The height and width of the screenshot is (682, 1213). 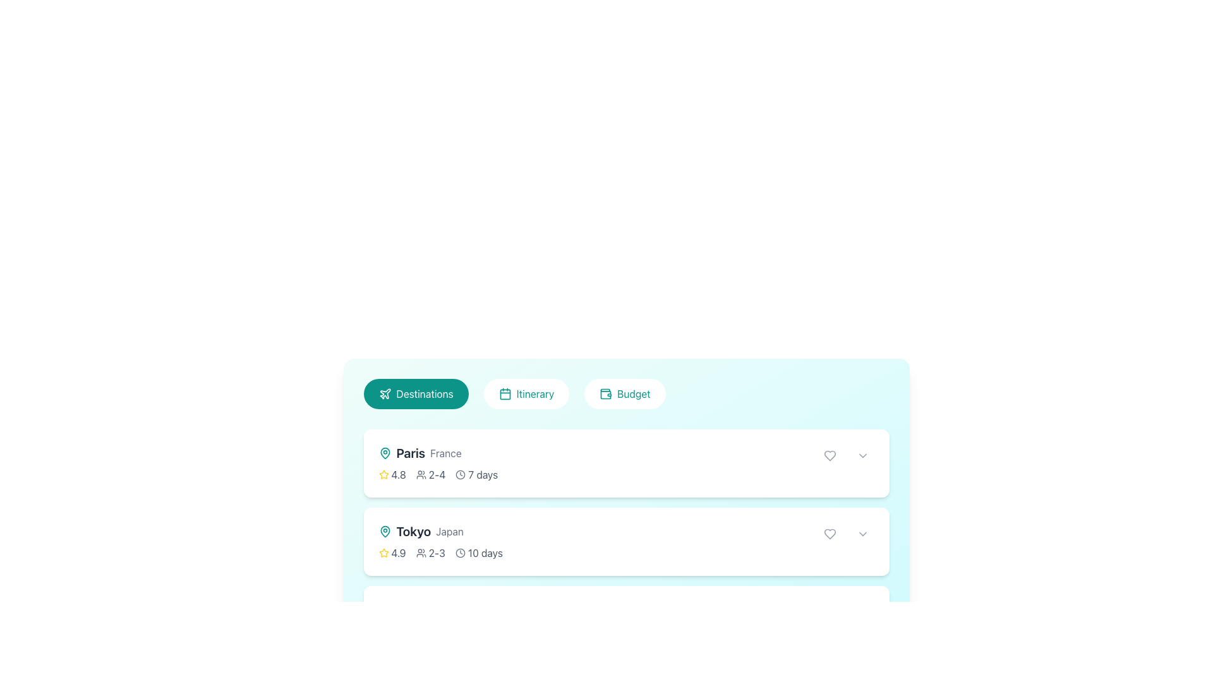 I want to click on the user icon represented by outlines of two people next to each other, located to the left of the text '2-3' in the second list item labeled 'Tokyo Japan', so click(x=421, y=552).